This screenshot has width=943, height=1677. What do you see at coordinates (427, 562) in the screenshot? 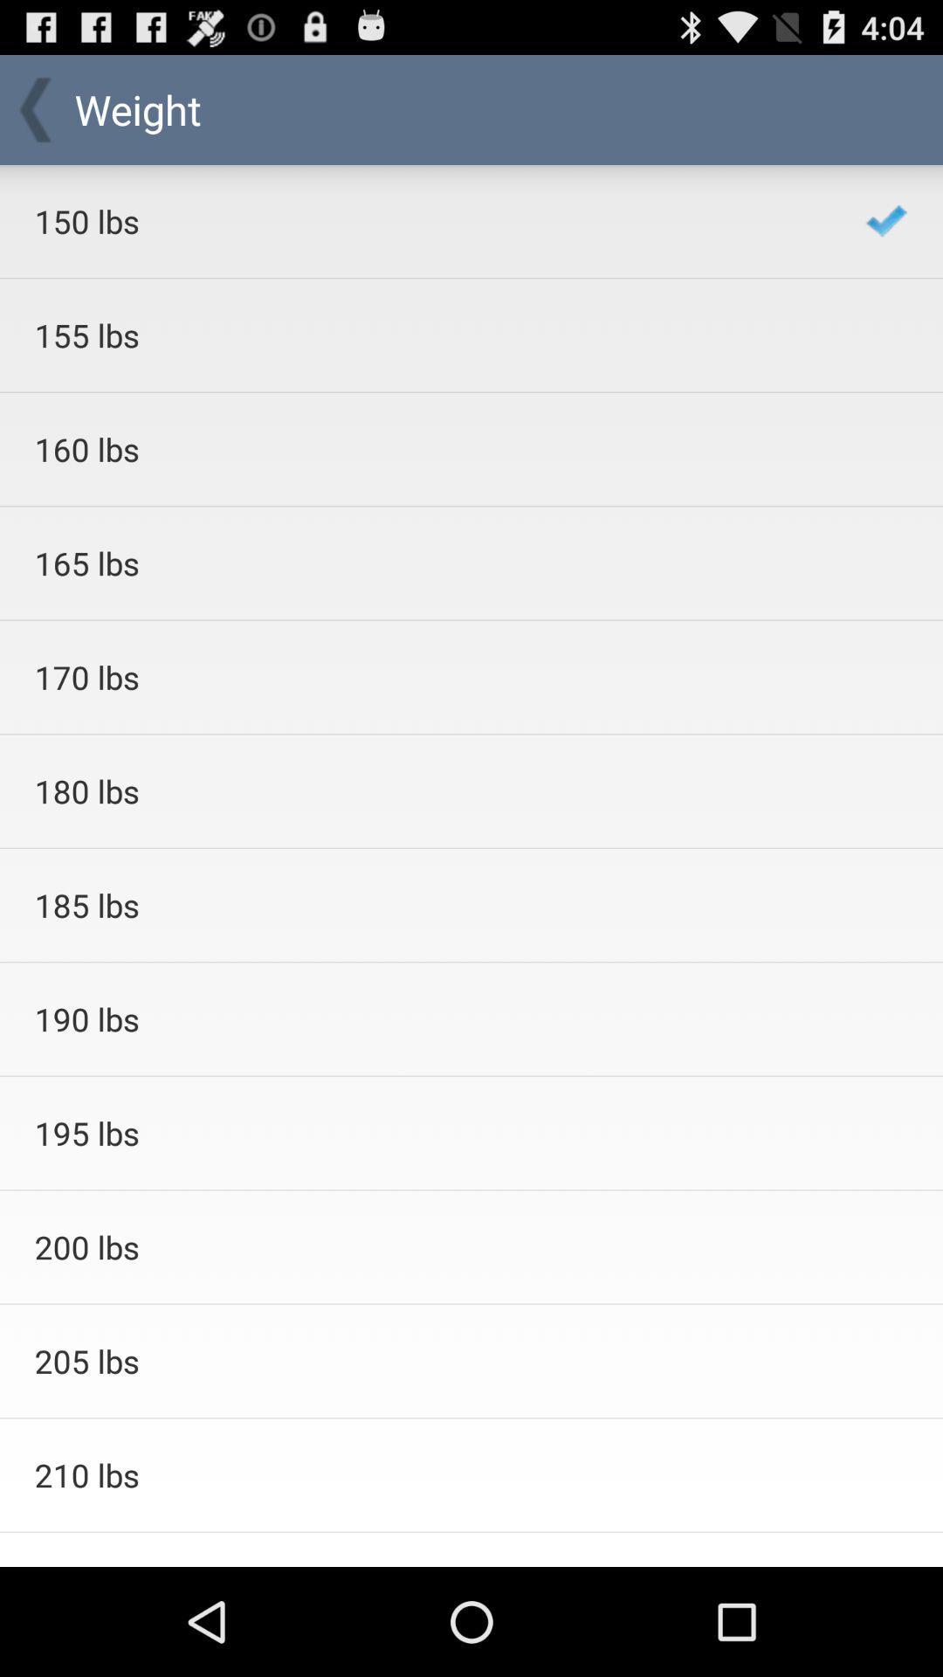
I see `the item below the 160 lbs app` at bounding box center [427, 562].